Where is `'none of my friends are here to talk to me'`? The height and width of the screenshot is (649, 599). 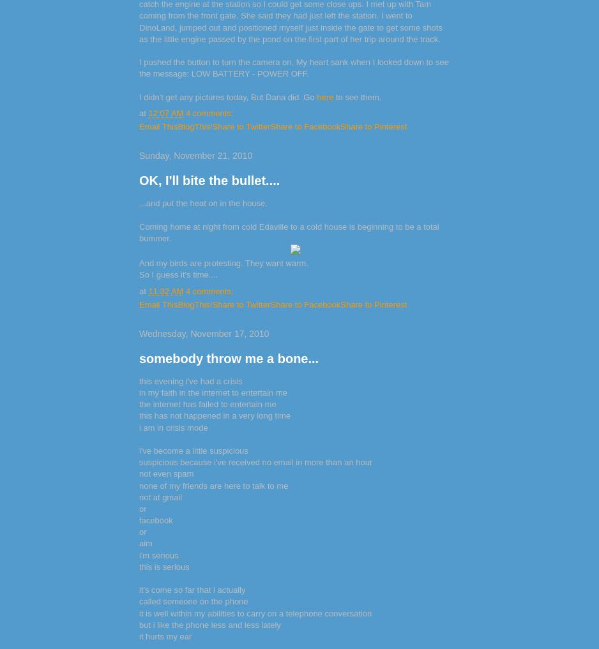
'none of my friends are here to talk to me' is located at coordinates (213, 485).